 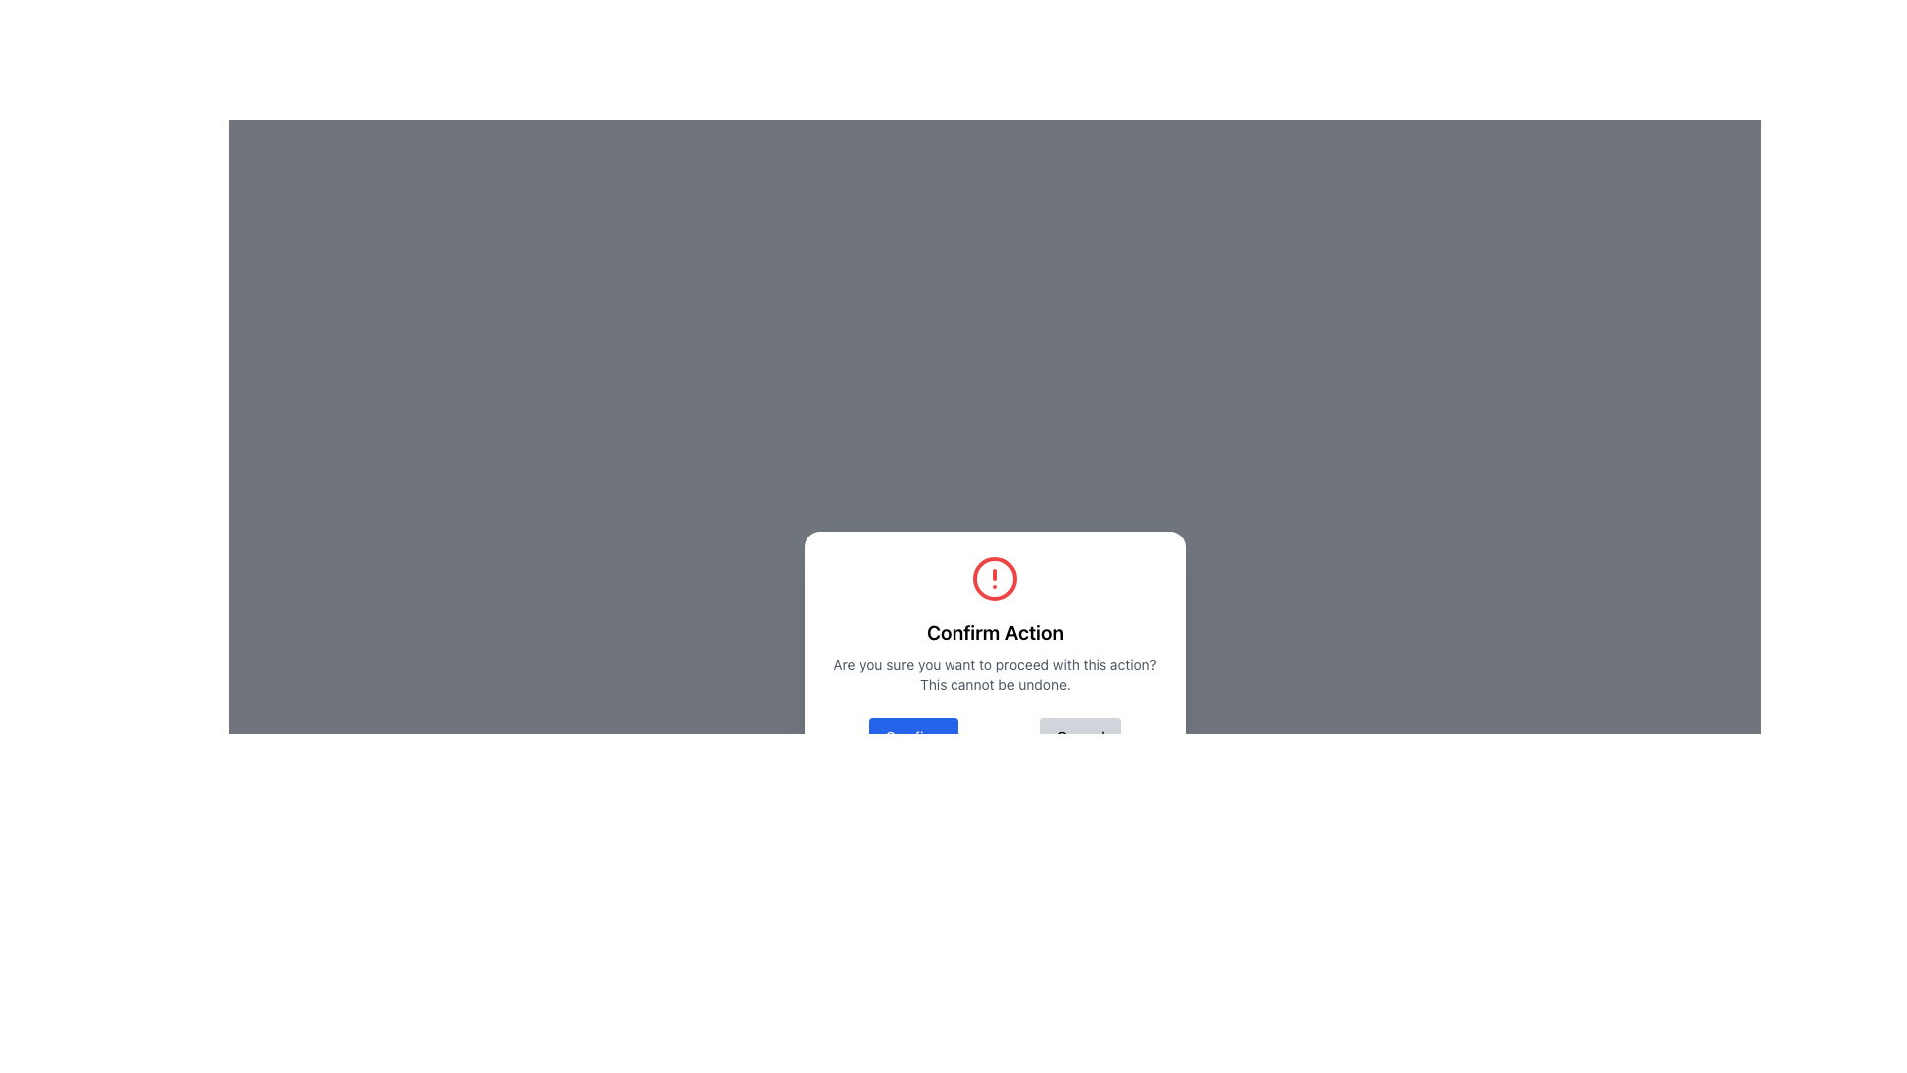 I want to click on the critical alert icon located at the top center of the confirmation dialog box, which is positioned directly above the 'Confirm Action' text, so click(x=995, y=578).